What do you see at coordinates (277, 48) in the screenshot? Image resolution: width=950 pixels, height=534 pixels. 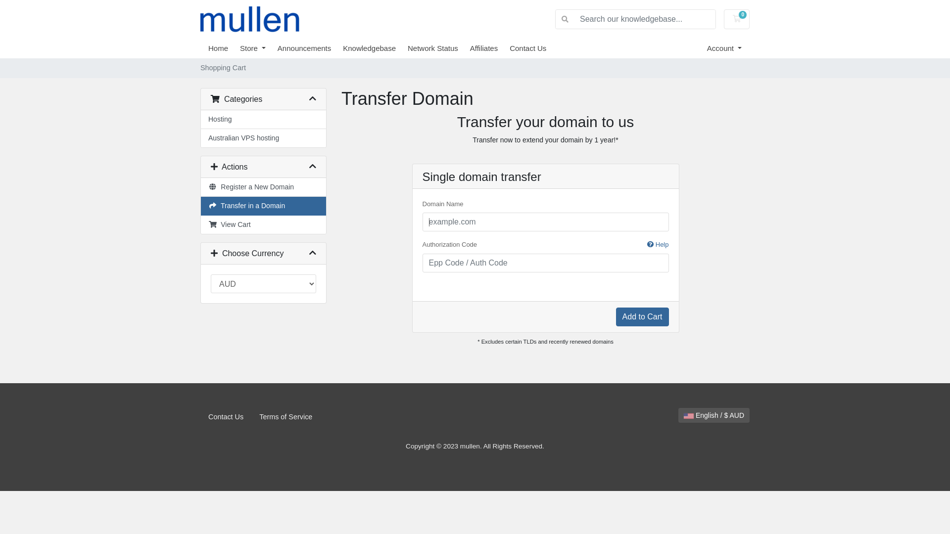 I see `'Announcements'` at bounding box center [277, 48].